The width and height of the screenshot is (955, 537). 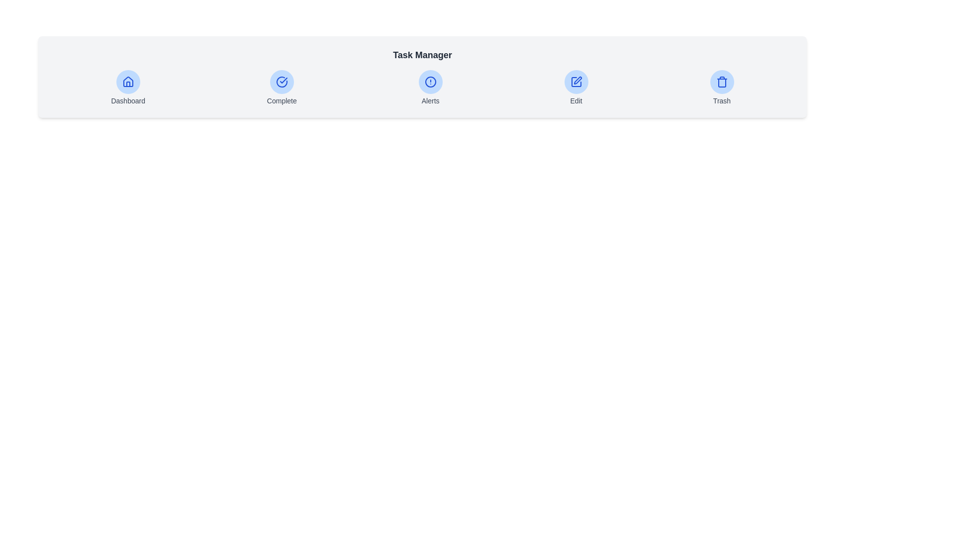 I want to click on the rounded light blue button with a trash bin icon located in the top-right section of the 'Task Manager' toolbar, so click(x=722, y=82).